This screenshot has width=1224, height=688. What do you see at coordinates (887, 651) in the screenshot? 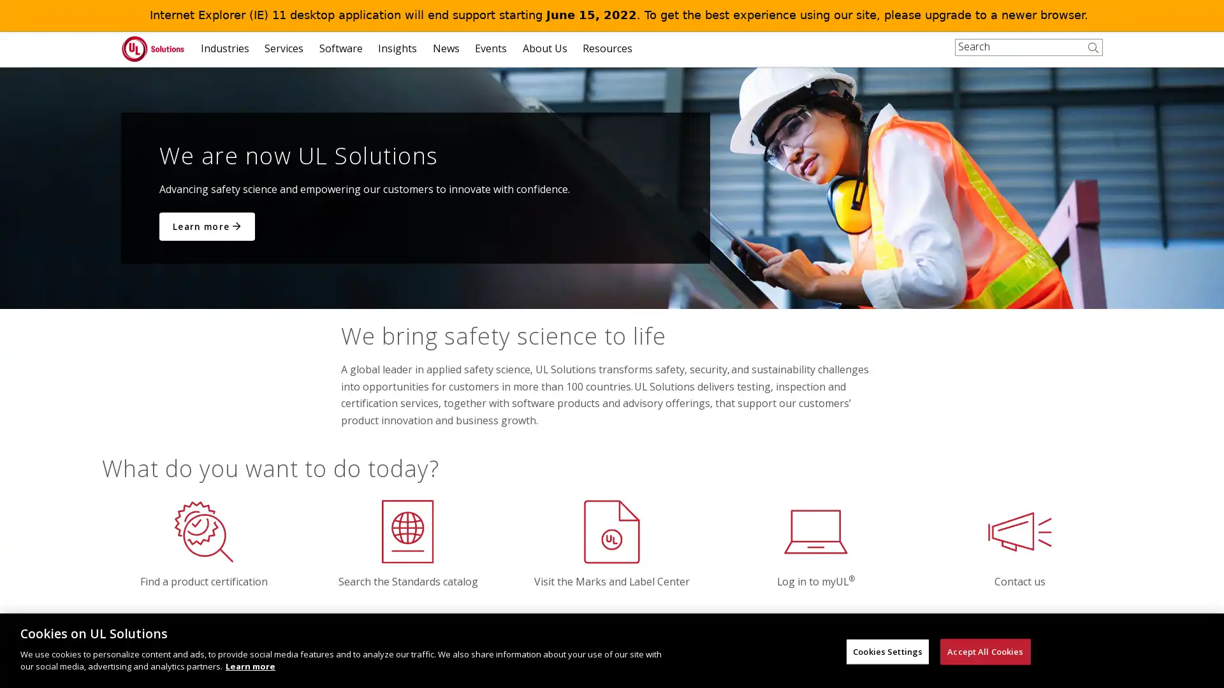
I see `Cookies Settings` at bounding box center [887, 651].